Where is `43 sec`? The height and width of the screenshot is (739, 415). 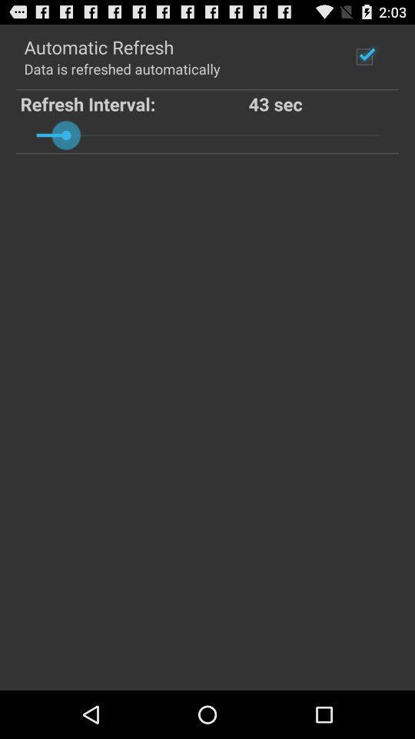 43 sec is located at coordinates (321, 102).